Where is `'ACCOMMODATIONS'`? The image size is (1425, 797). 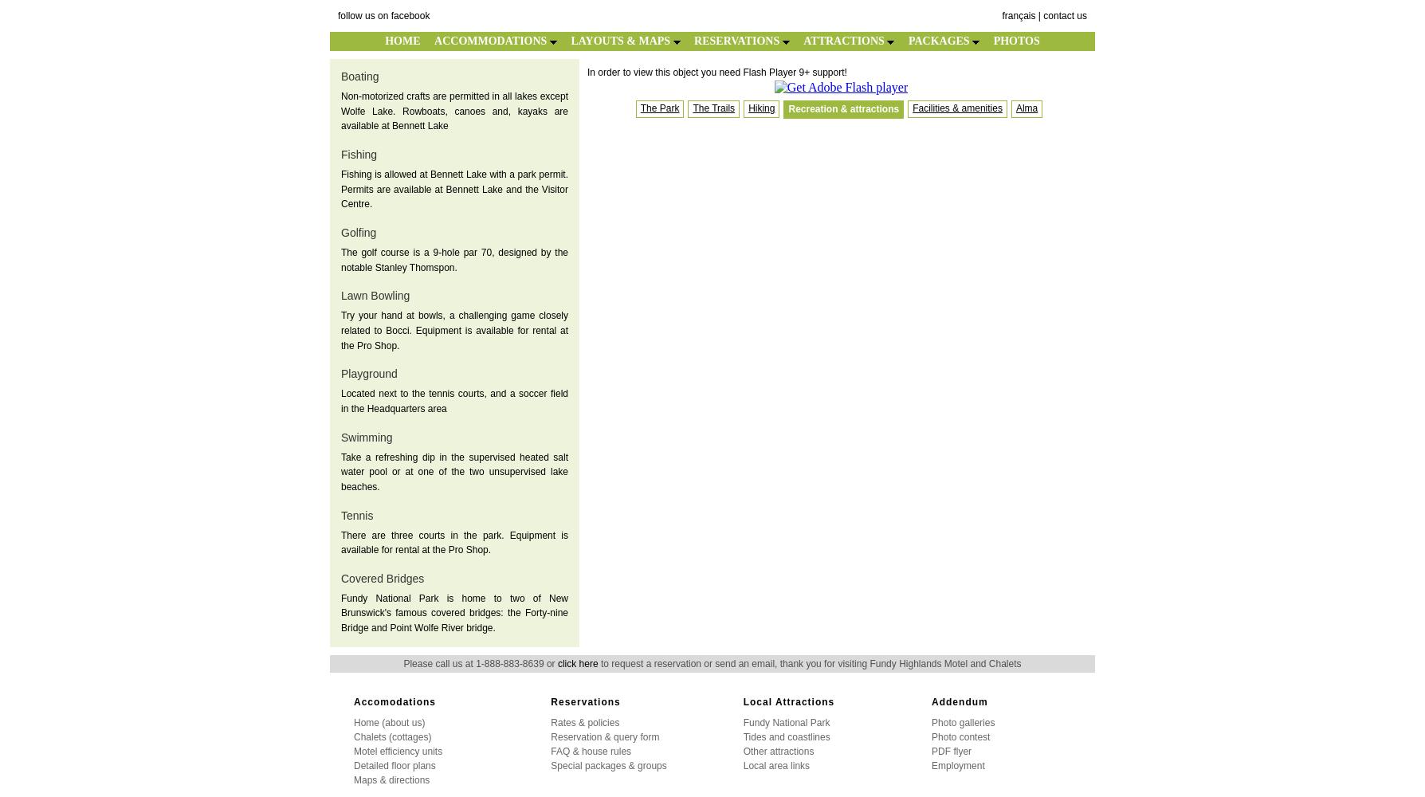 'ACCOMMODATIONS' is located at coordinates (492, 41).